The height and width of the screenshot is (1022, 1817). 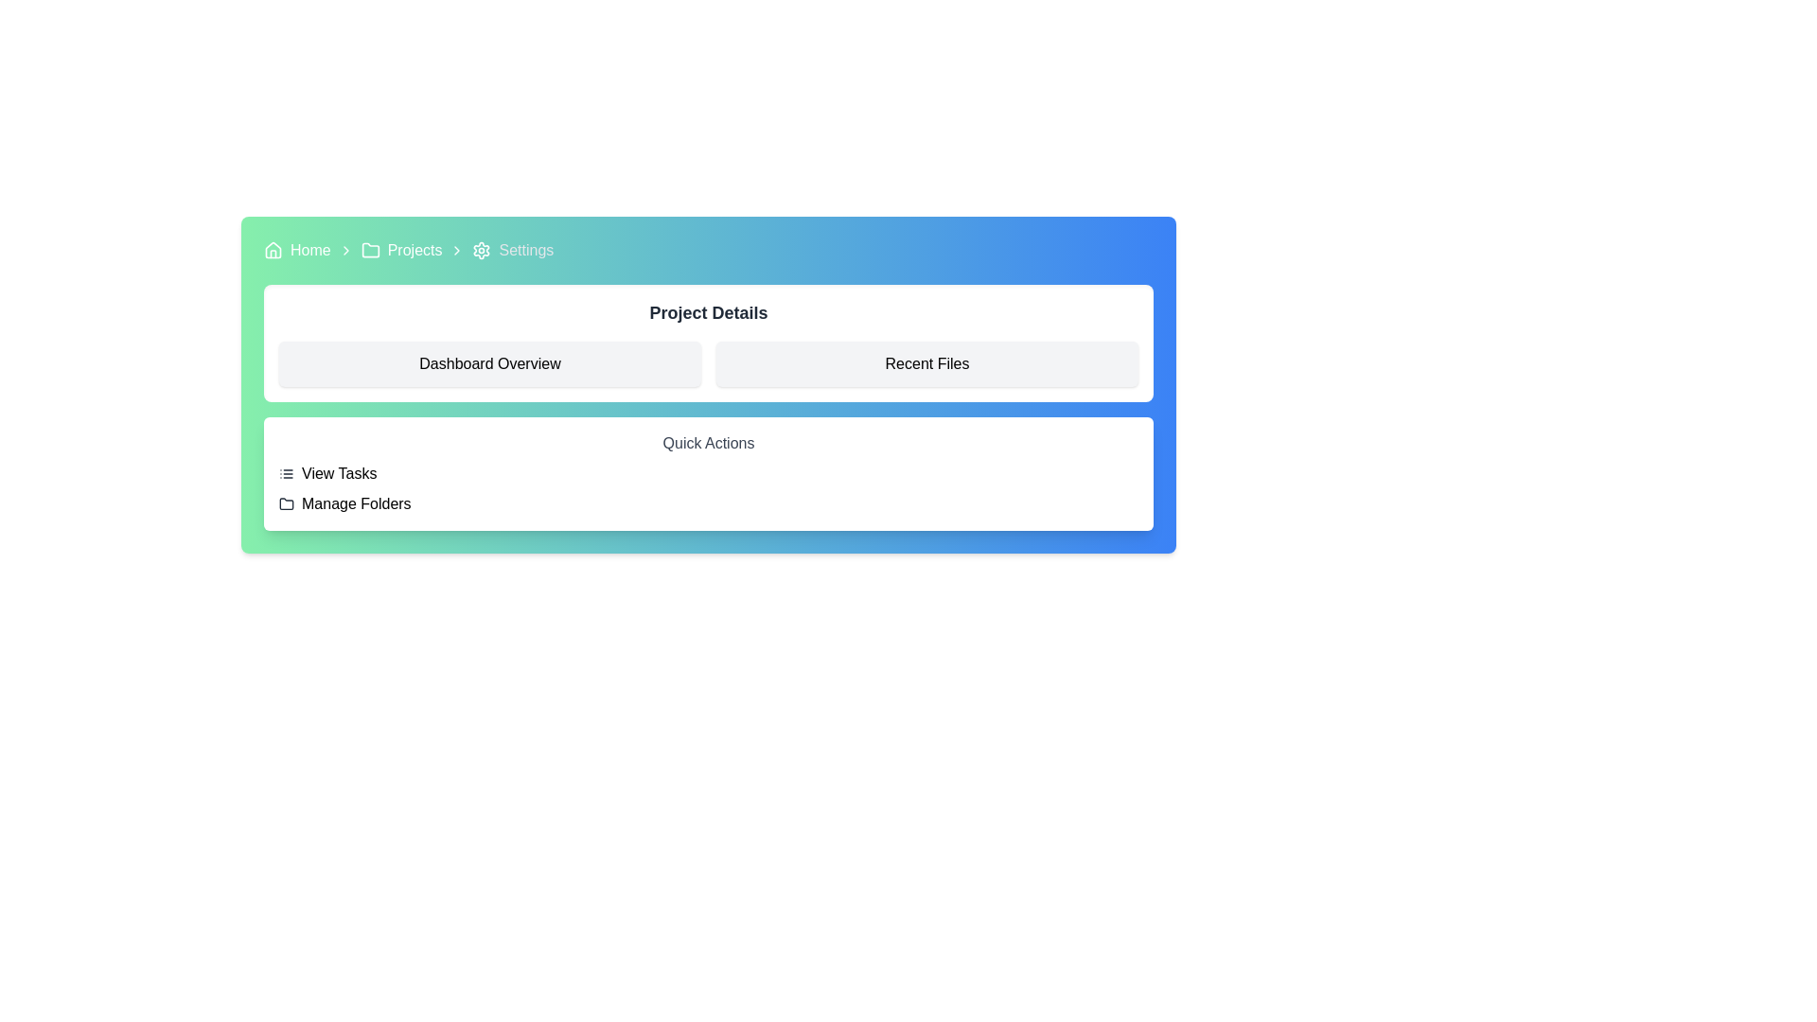 I want to click on the 'Projects' navigation link, which is the second text item in the sequence of navigation labels, so click(x=414, y=250).